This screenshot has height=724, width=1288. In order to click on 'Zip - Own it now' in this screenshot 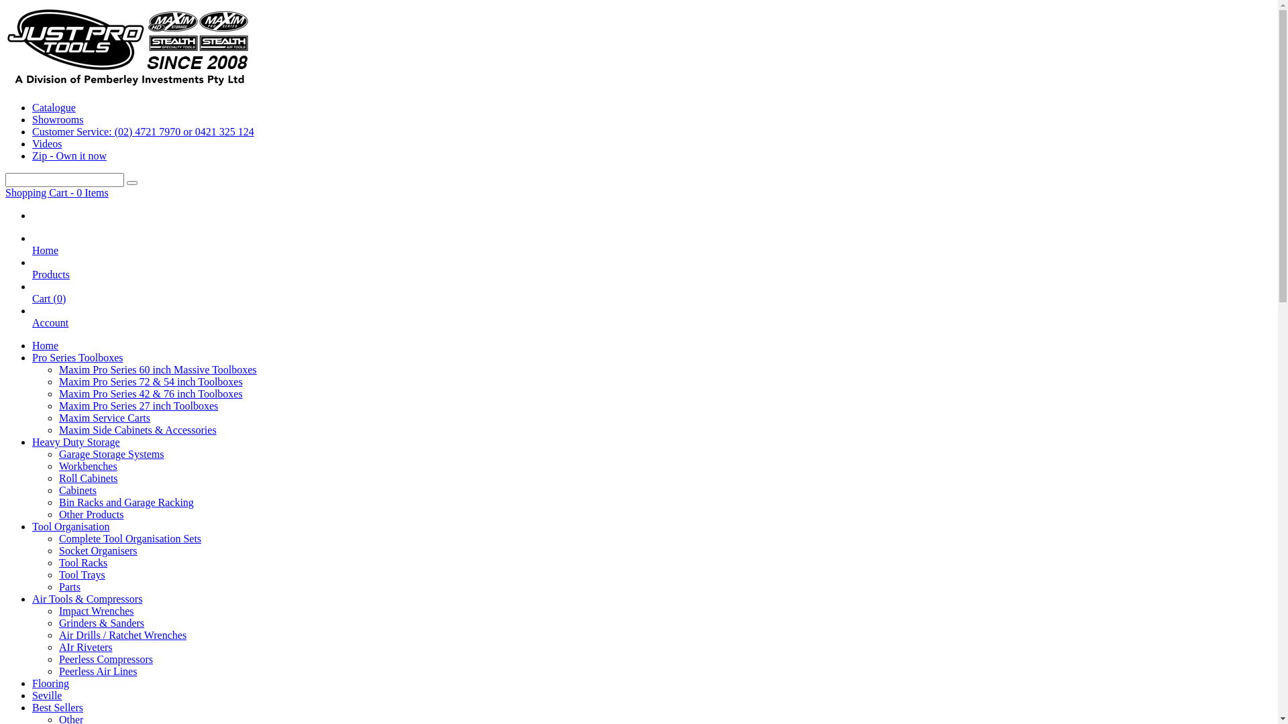, I will do `click(68, 155)`.